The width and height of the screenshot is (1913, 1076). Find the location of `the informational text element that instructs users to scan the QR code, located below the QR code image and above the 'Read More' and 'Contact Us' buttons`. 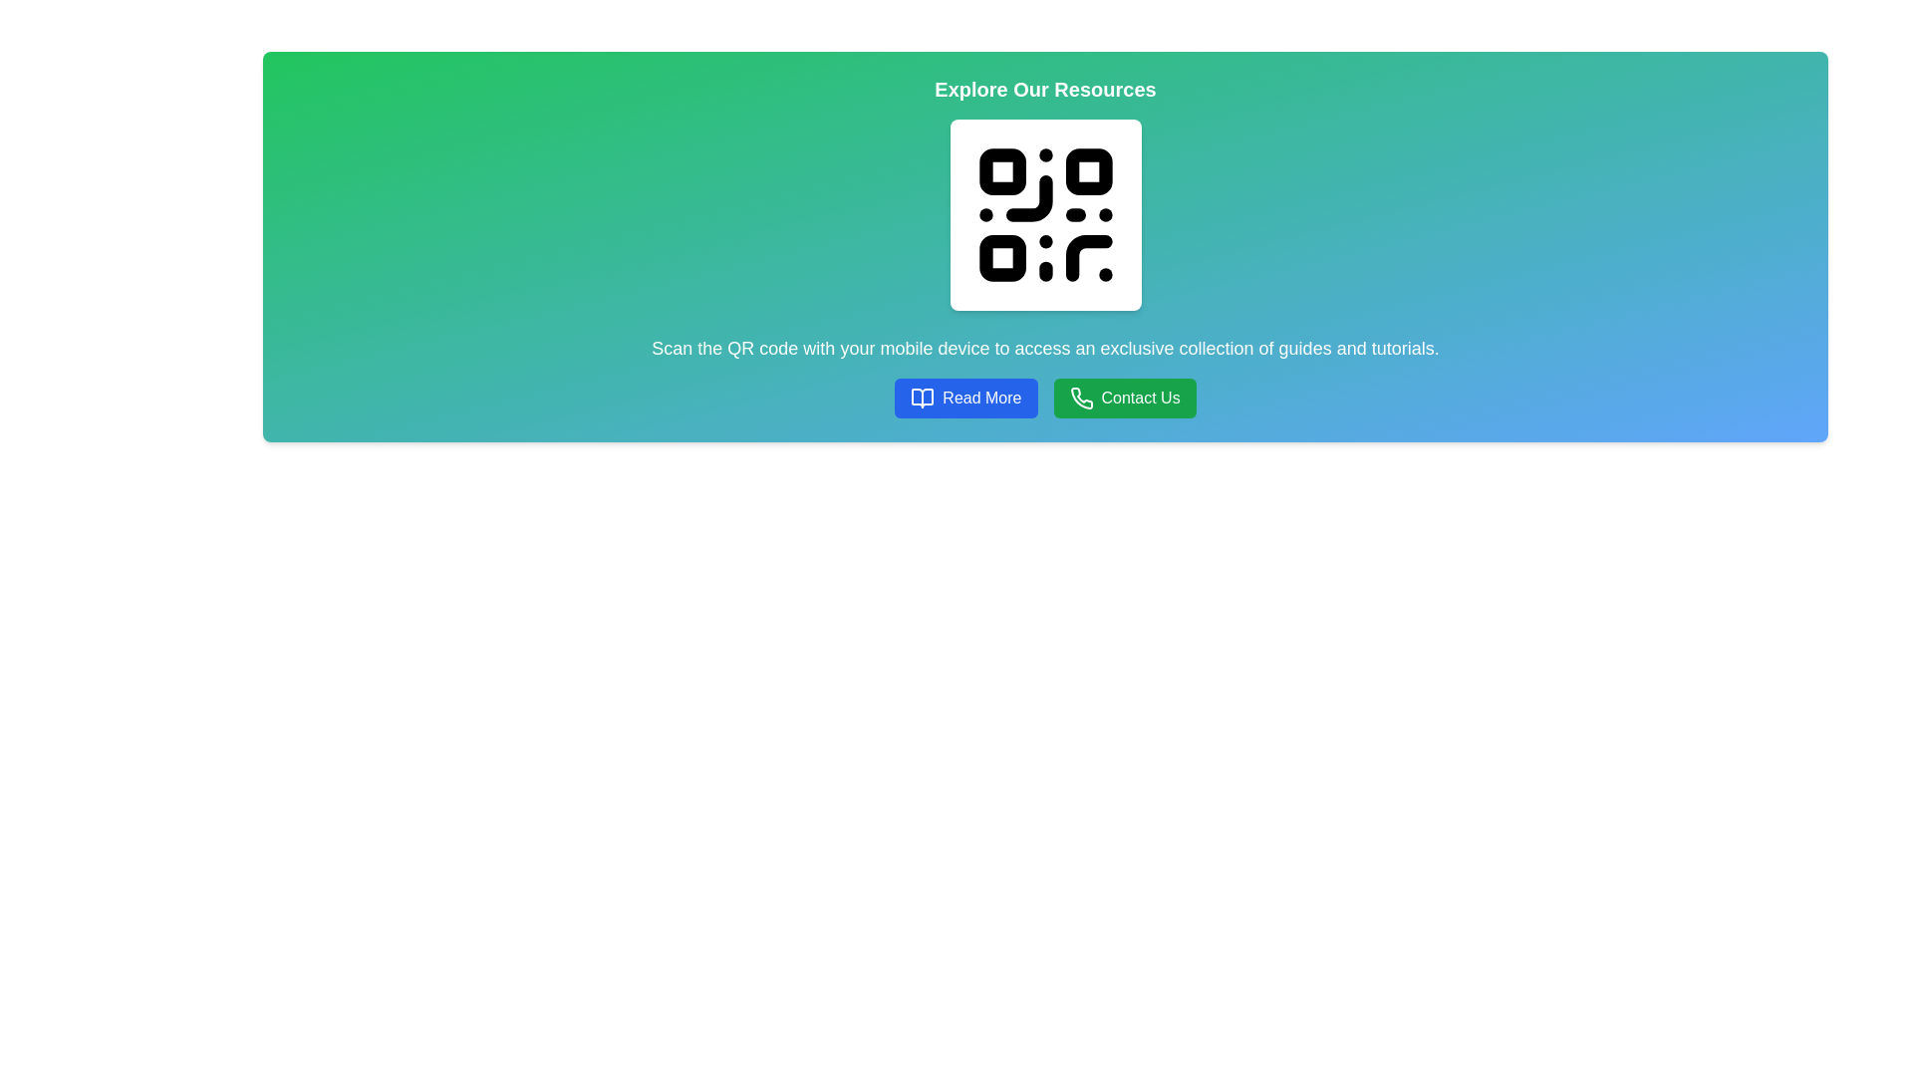

the informational text element that instructs users to scan the QR code, located below the QR code image and above the 'Read More' and 'Contact Us' buttons is located at coordinates (1044, 348).